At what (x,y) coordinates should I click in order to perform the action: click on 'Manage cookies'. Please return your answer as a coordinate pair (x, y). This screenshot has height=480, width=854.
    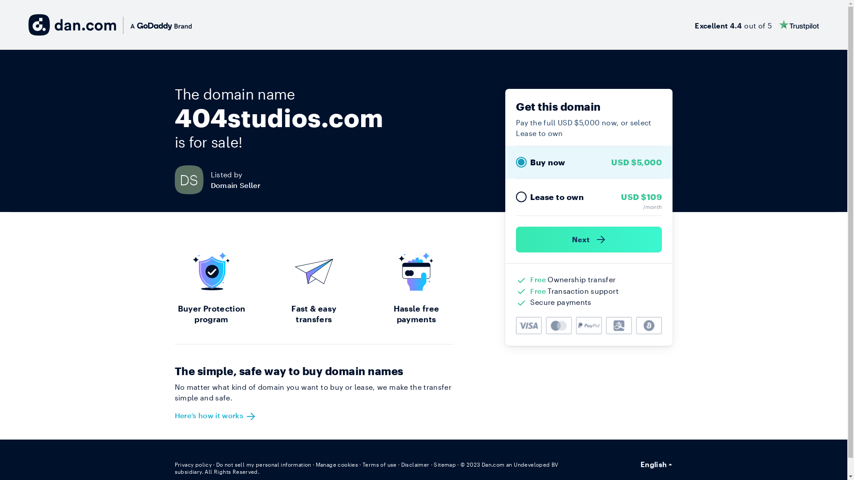
    Looking at the image, I should click on (316, 464).